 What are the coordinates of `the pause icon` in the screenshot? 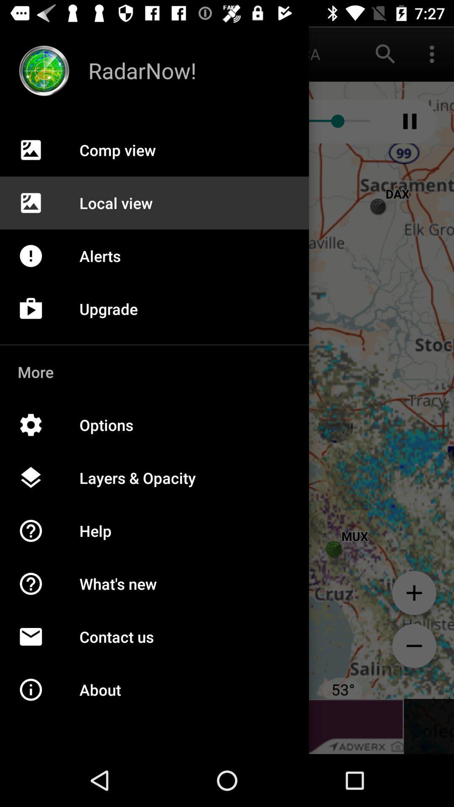 It's located at (409, 121).